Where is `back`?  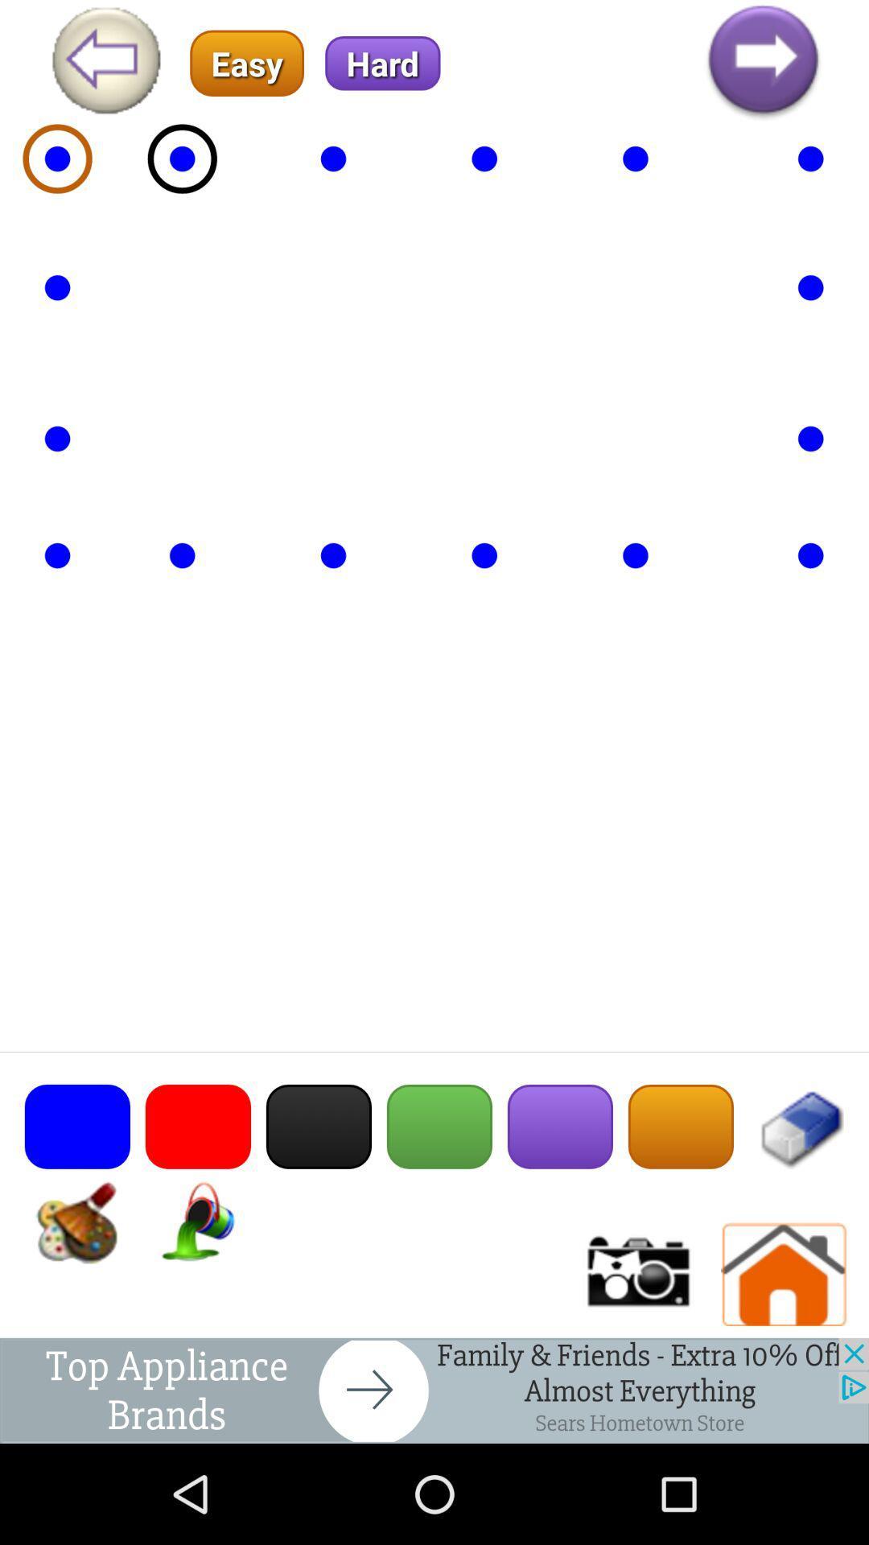 back is located at coordinates (434, 1390).